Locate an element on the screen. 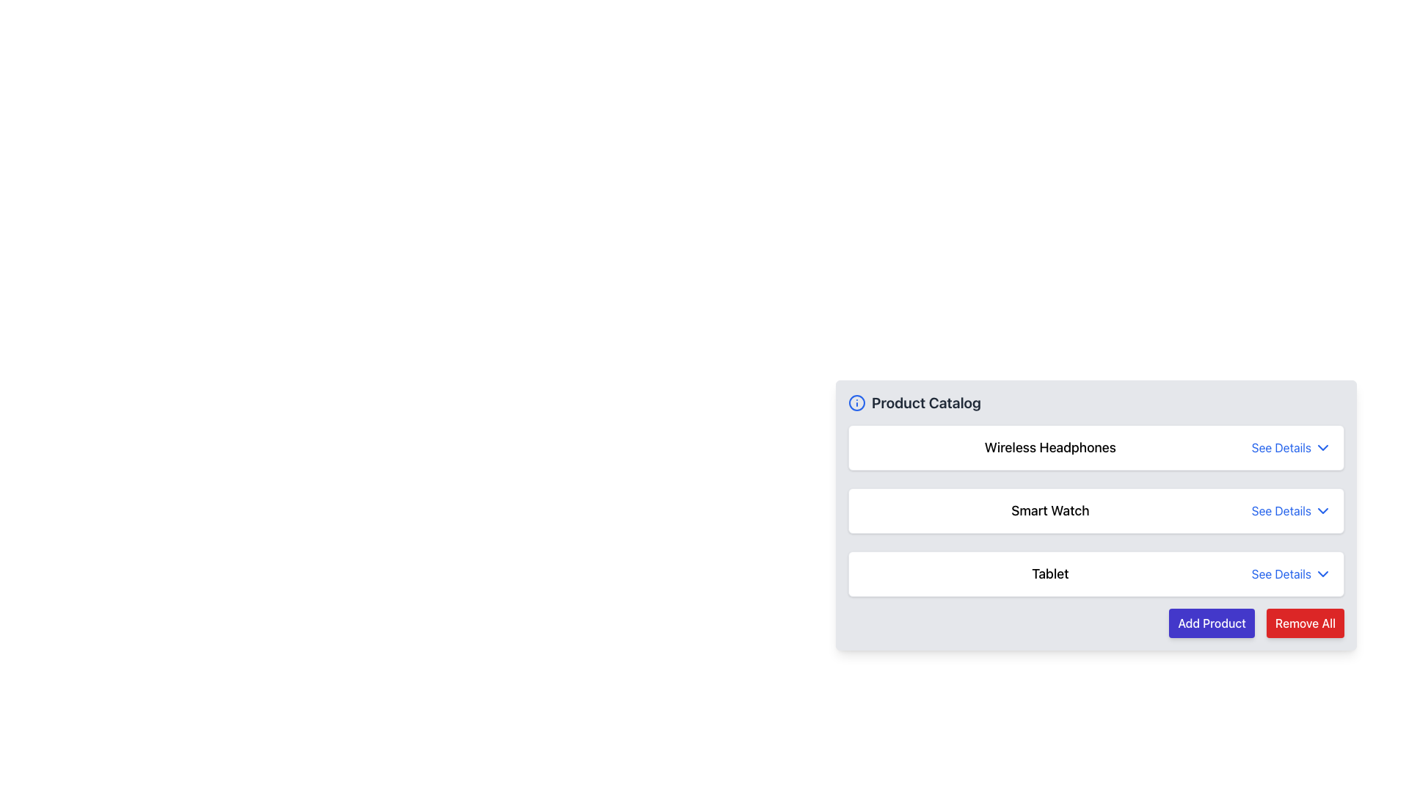 The image size is (1409, 793). the downward-pointing chevron icon located to the right of the 'See Details' text in the last row of the product listing table for the 'Tablet' product is located at coordinates (1323, 573).